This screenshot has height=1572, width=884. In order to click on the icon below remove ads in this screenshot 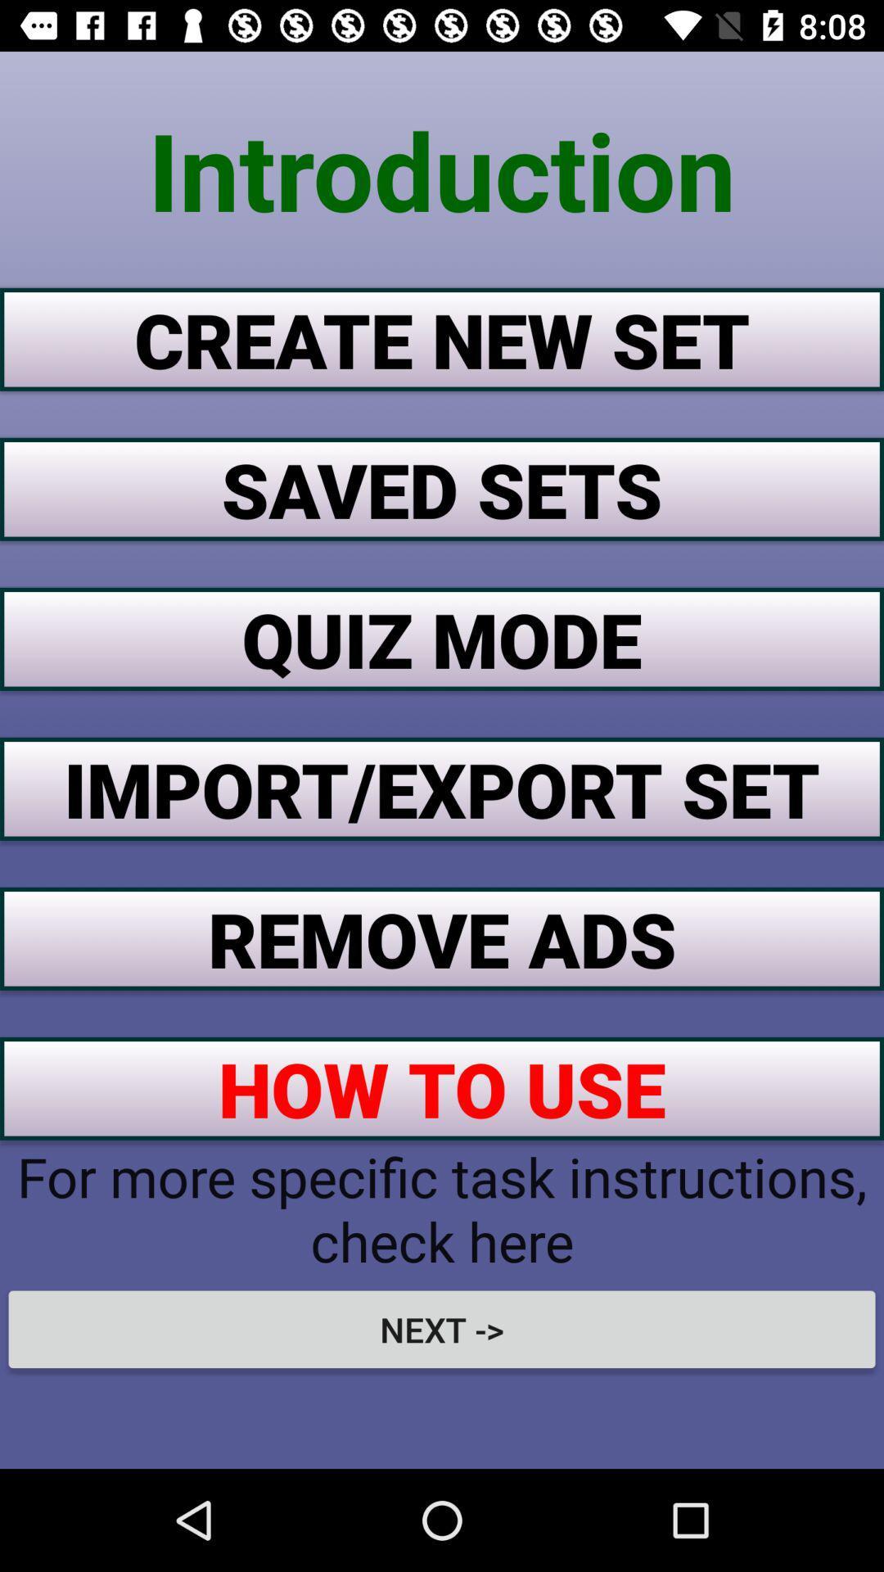, I will do `click(442, 1088)`.